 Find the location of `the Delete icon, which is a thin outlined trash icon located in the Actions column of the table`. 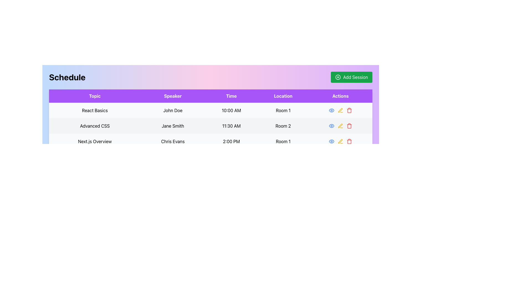

the Delete icon, which is a thin outlined trash icon located in the Actions column of the table is located at coordinates (349, 111).